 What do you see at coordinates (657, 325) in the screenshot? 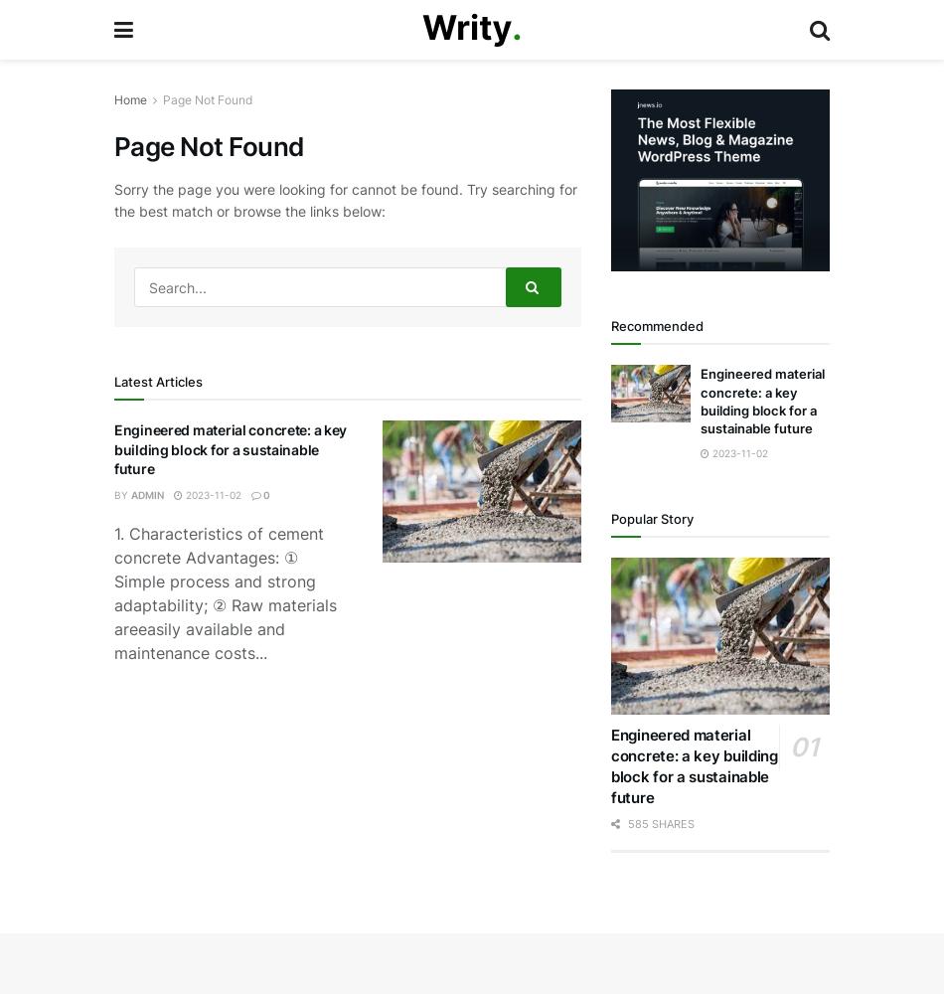
I see `'Recommended'` at bounding box center [657, 325].